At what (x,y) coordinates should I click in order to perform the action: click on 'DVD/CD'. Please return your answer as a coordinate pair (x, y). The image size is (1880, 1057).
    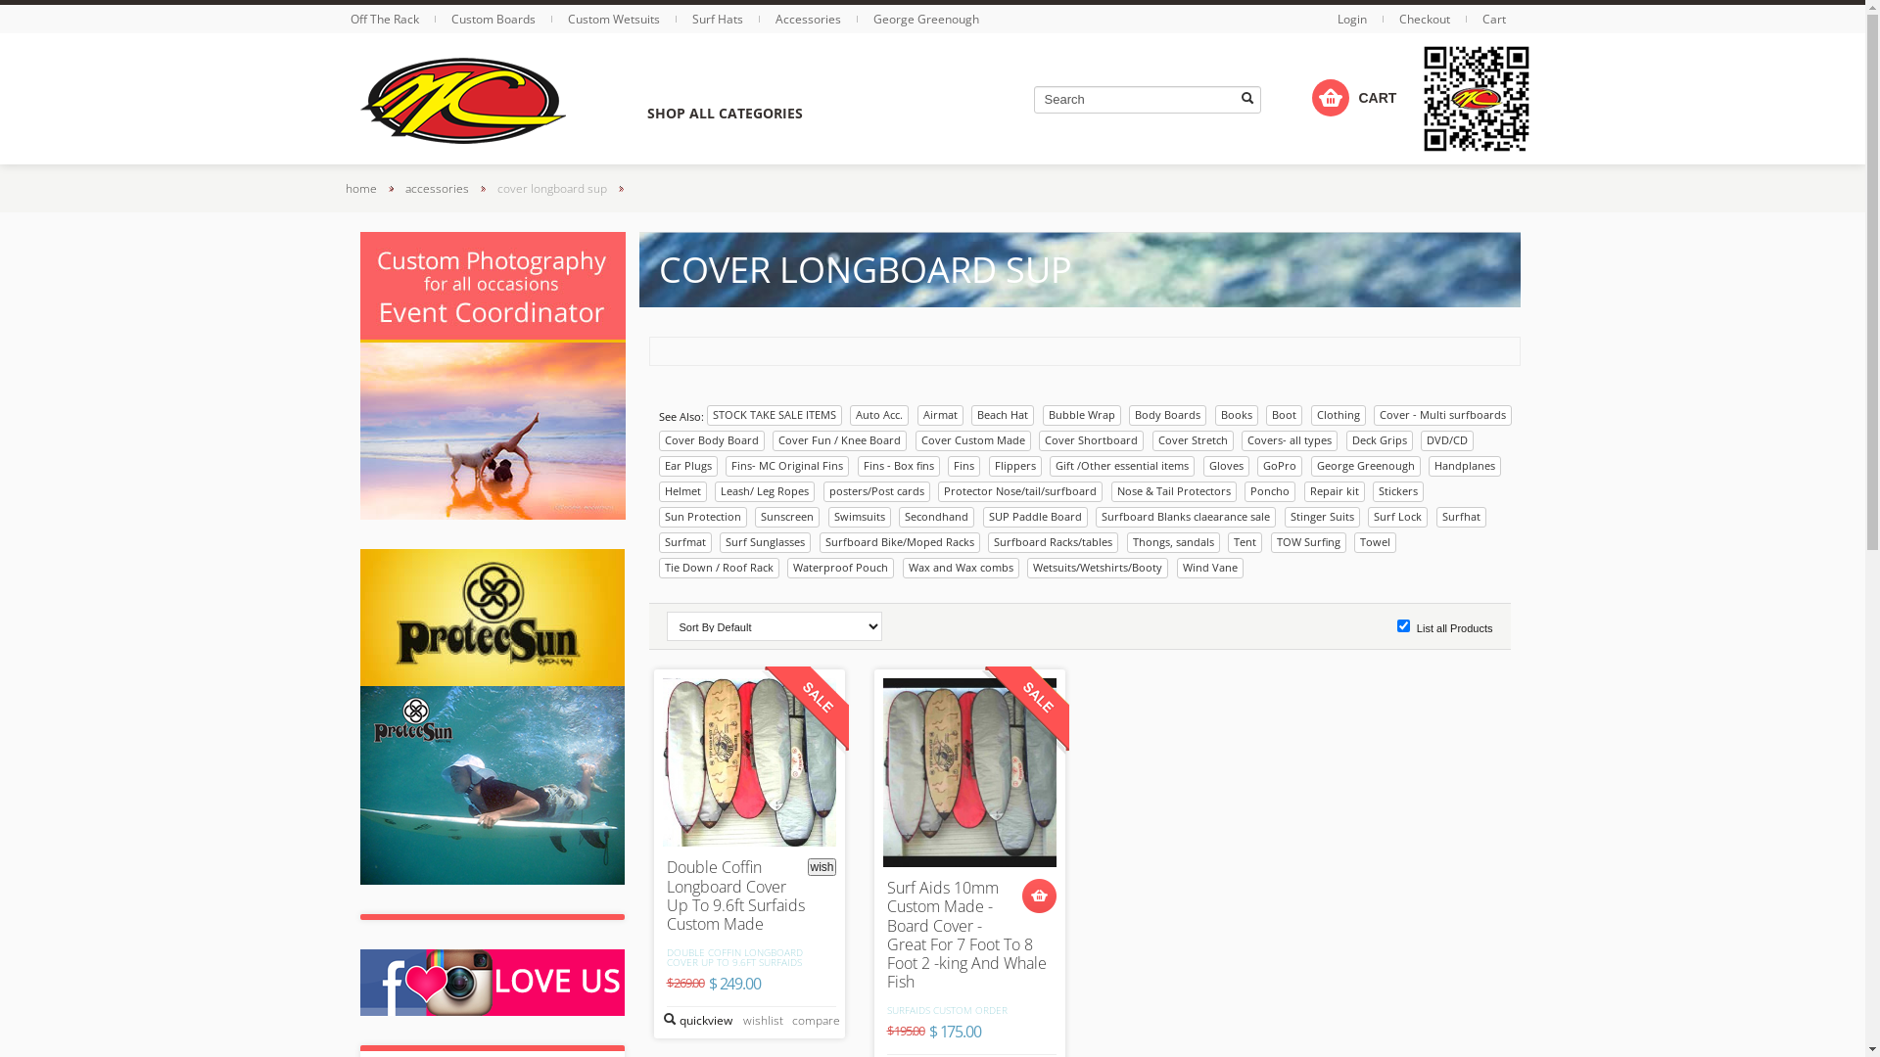
    Looking at the image, I should click on (1447, 440).